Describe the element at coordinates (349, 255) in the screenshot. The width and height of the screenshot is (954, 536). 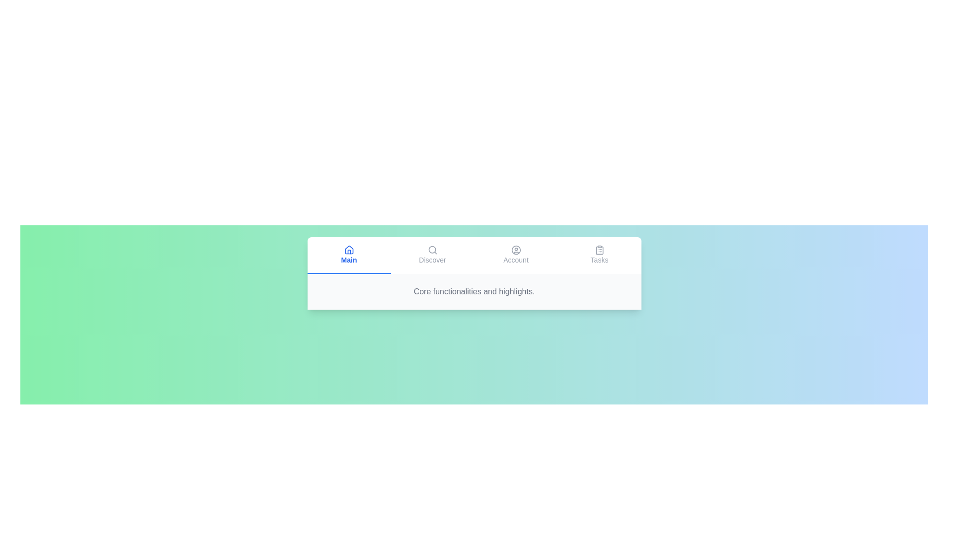
I see `the Main tab to switch to it` at that location.